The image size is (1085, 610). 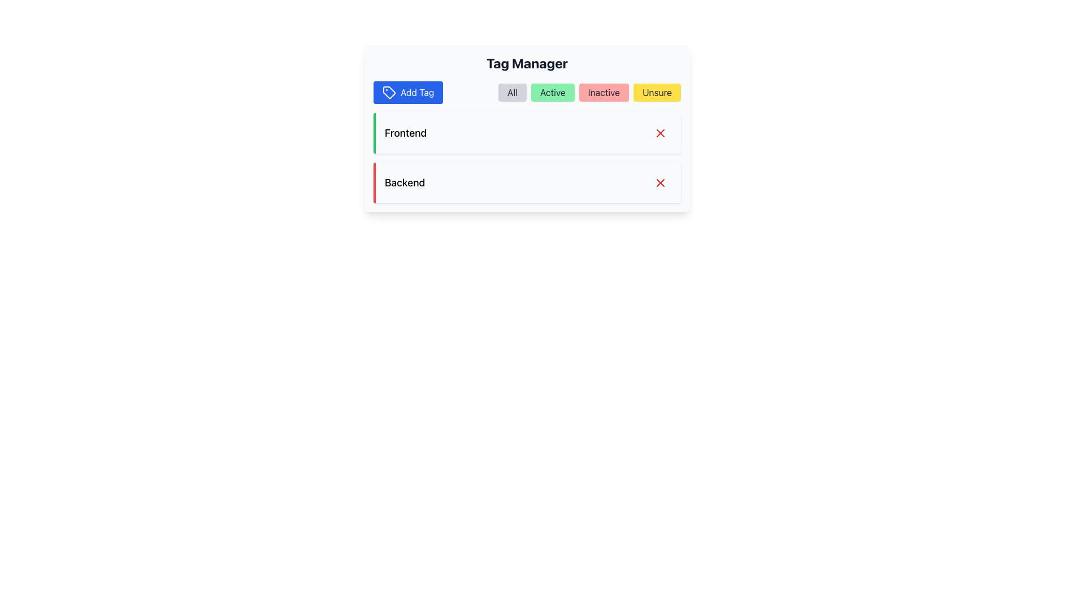 I want to click on the 'Inactive' button located between the 'Active' and 'Unsure' buttons under the 'Tag Manager' heading, so click(x=603, y=92).